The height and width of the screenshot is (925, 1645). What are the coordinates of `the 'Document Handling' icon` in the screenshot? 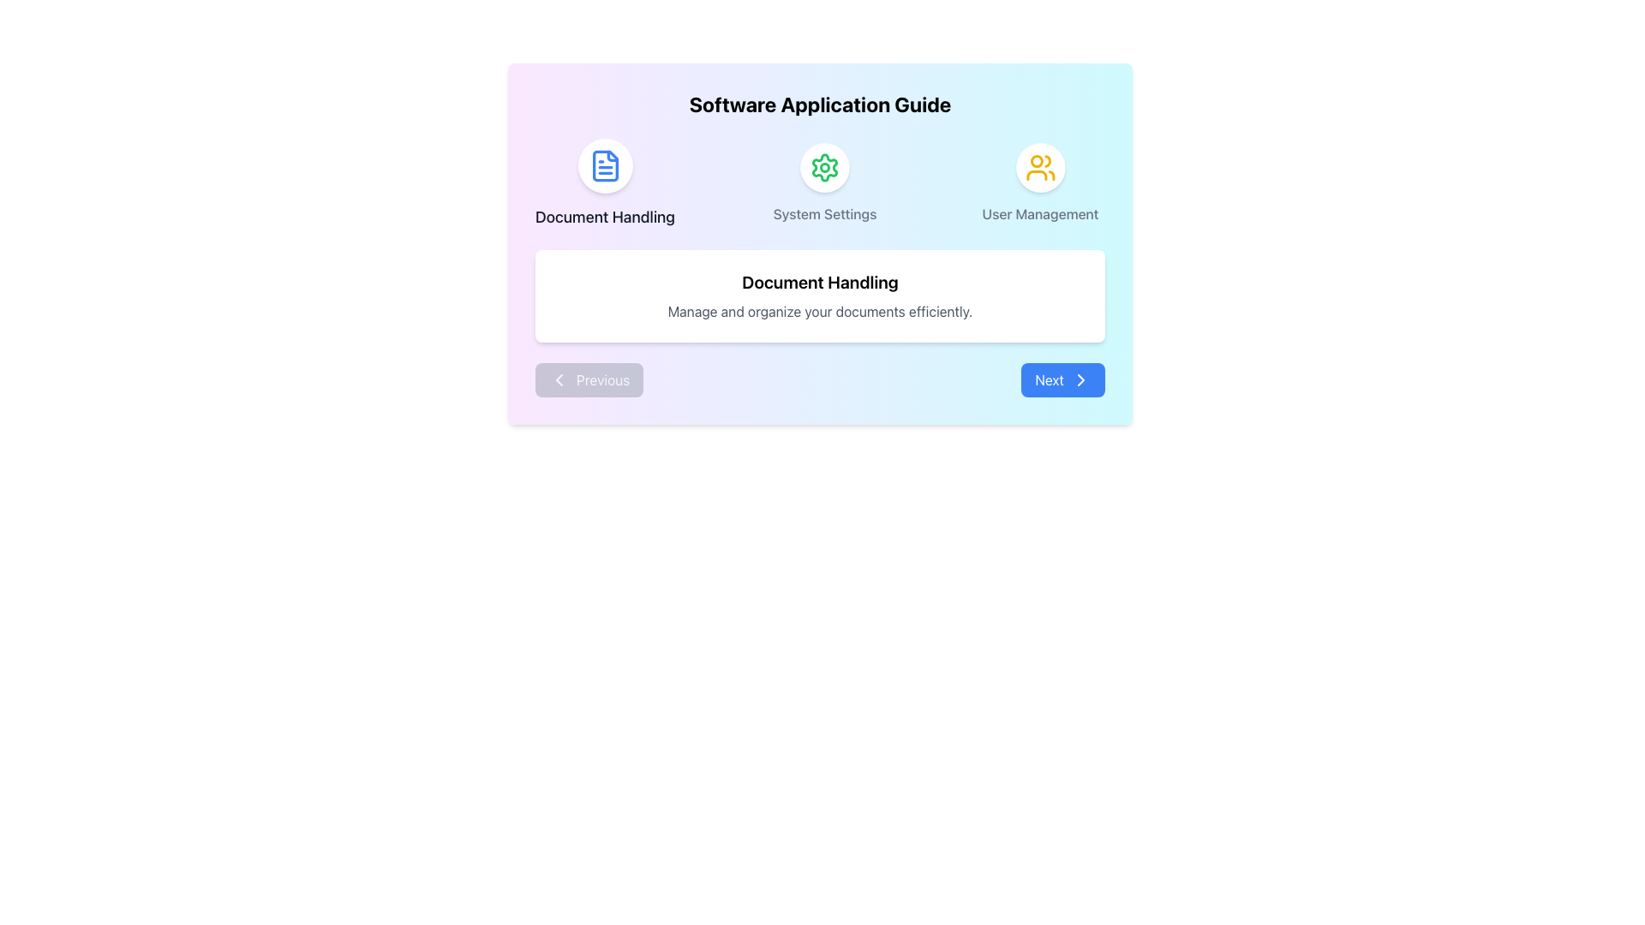 It's located at (605, 165).